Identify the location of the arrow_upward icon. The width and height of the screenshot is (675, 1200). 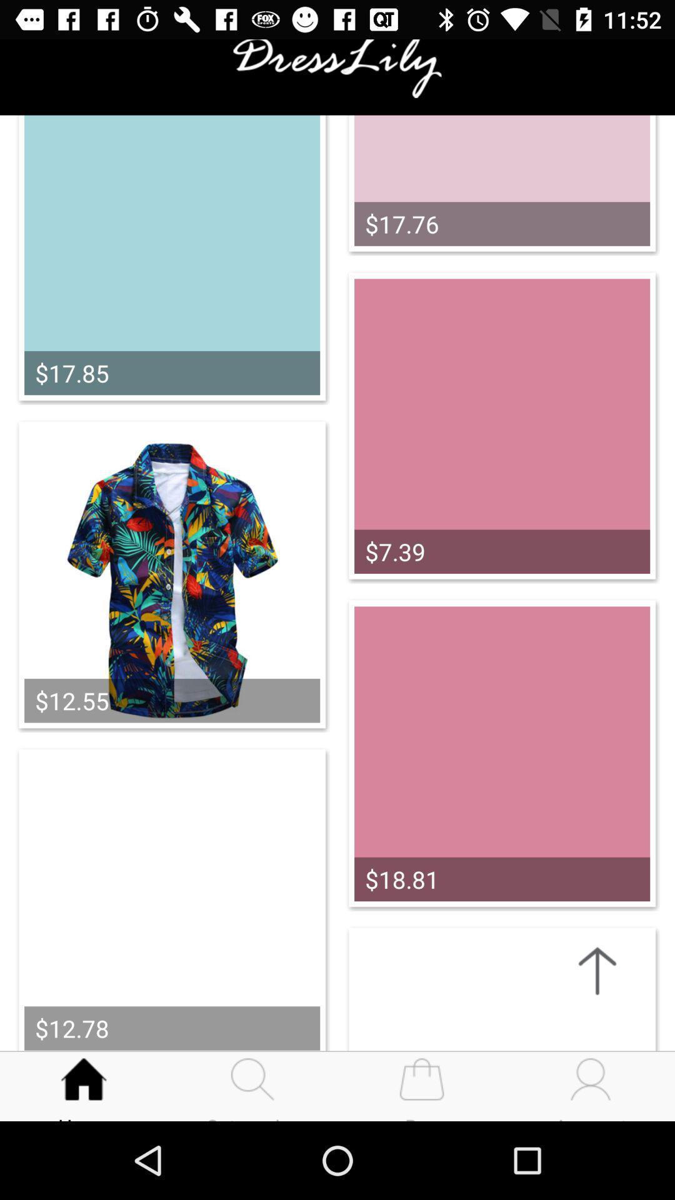
(596, 970).